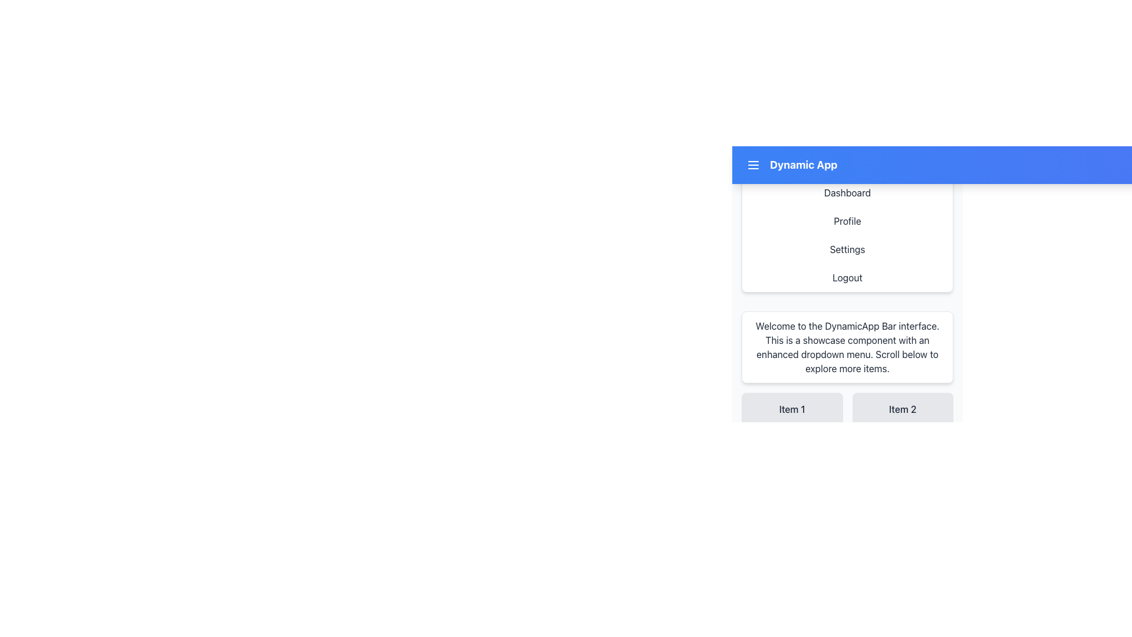 Image resolution: width=1132 pixels, height=637 pixels. What do you see at coordinates (847, 347) in the screenshot?
I see `informational text block that features a paragraph of centered text saying: 'Welcome to the DynamicApp Bar interface. This is a showcase component with an enhanced dropdown menu. Scroll below to explore more items.'` at bounding box center [847, 347].